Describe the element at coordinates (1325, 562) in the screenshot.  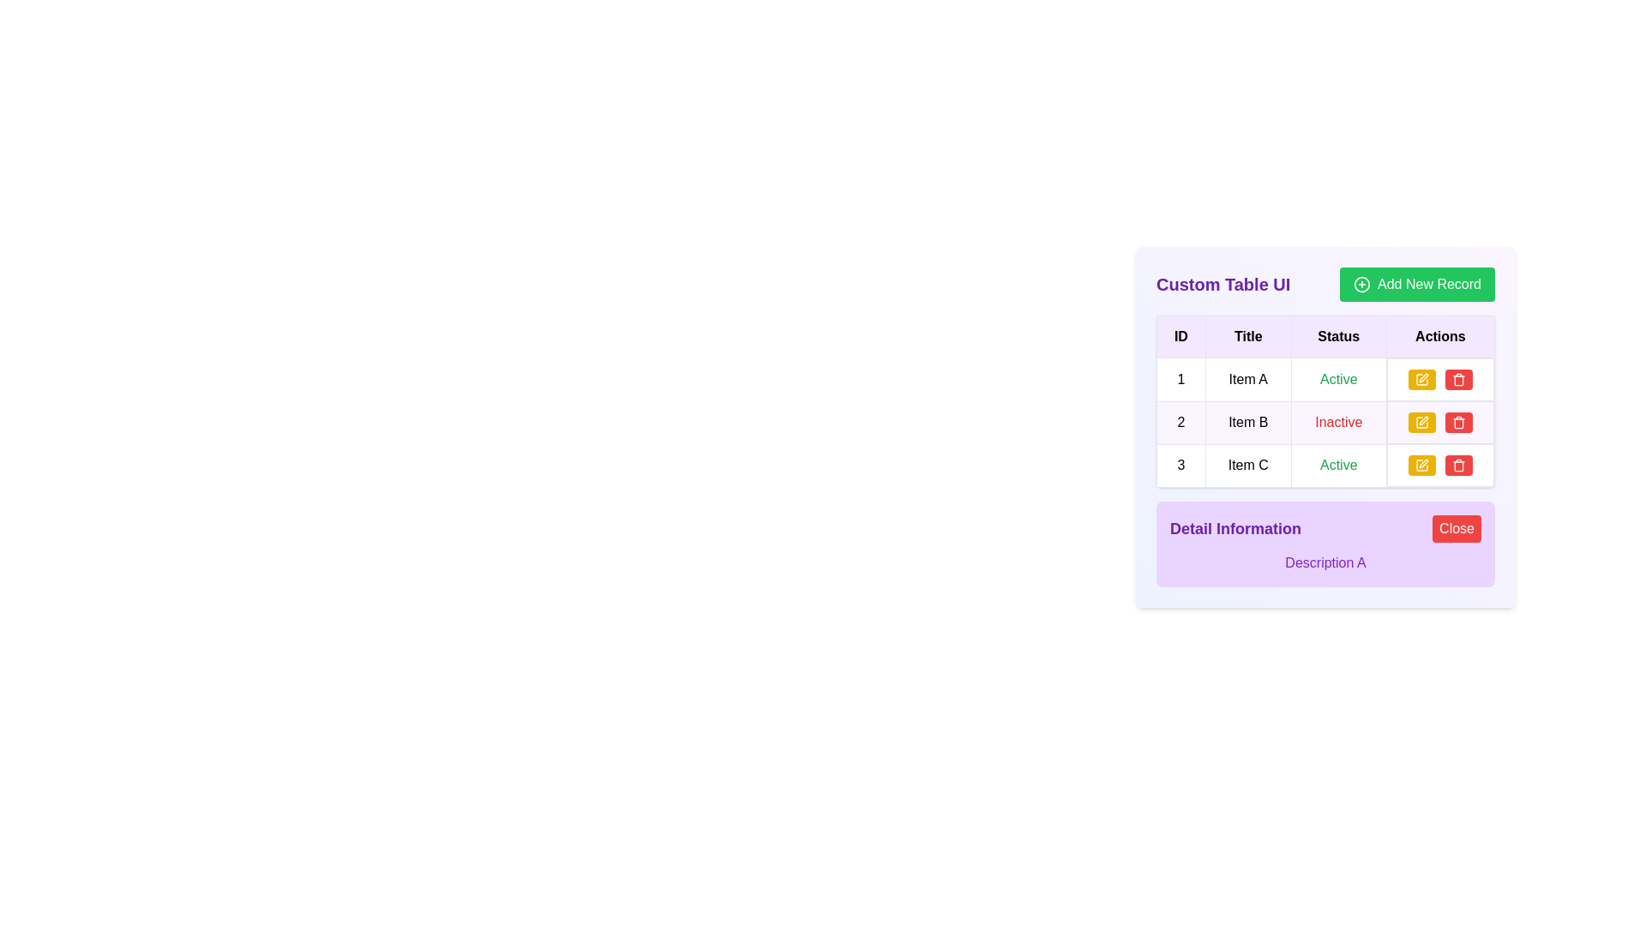
I see `the text label displaying 'Description A' in purple font, located at the bottom of the 'Detail Information' section` at that location.